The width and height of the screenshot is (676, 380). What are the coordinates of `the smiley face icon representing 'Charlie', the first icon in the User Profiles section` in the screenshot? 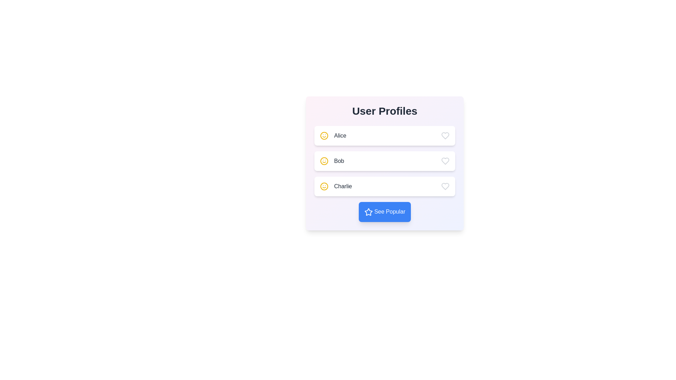 It's located at (324, 186).